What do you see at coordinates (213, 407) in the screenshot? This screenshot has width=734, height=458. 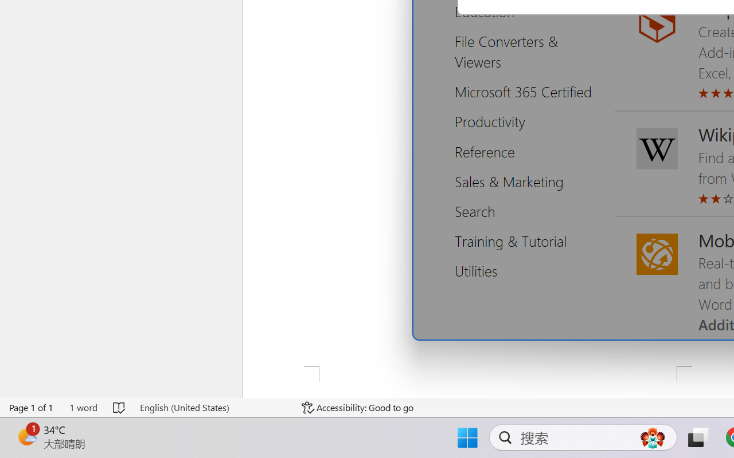 I see `'Language English (United States)'` at bounding box center [213, 407].